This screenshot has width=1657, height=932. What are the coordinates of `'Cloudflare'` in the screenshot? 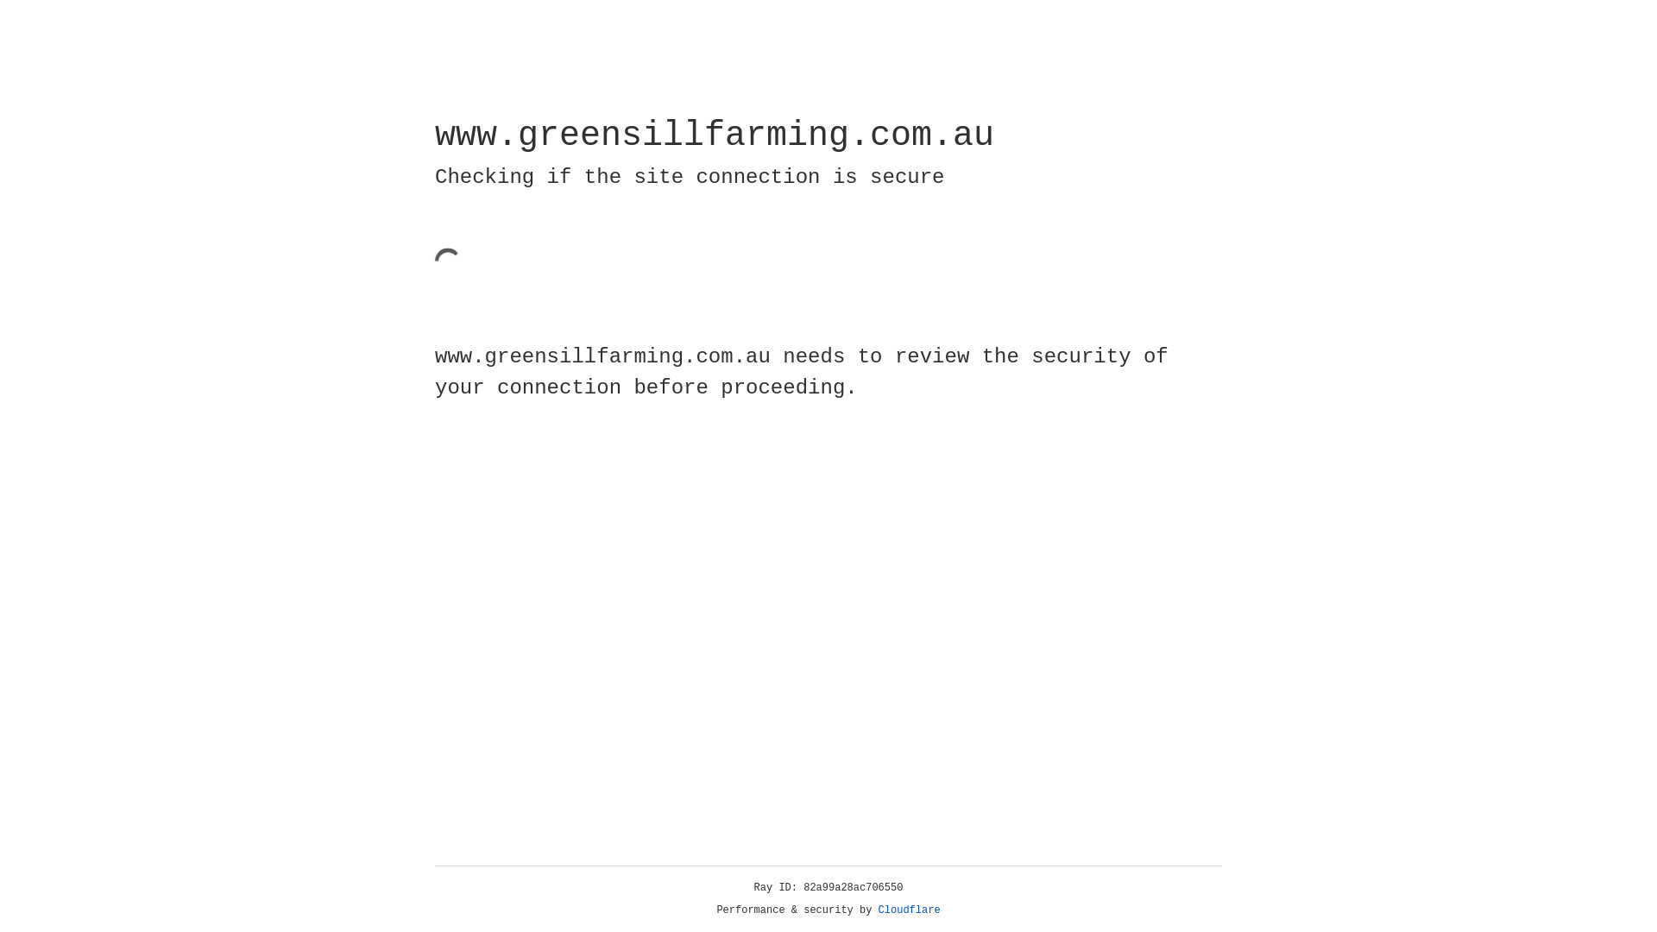 It's located at (909, 910).